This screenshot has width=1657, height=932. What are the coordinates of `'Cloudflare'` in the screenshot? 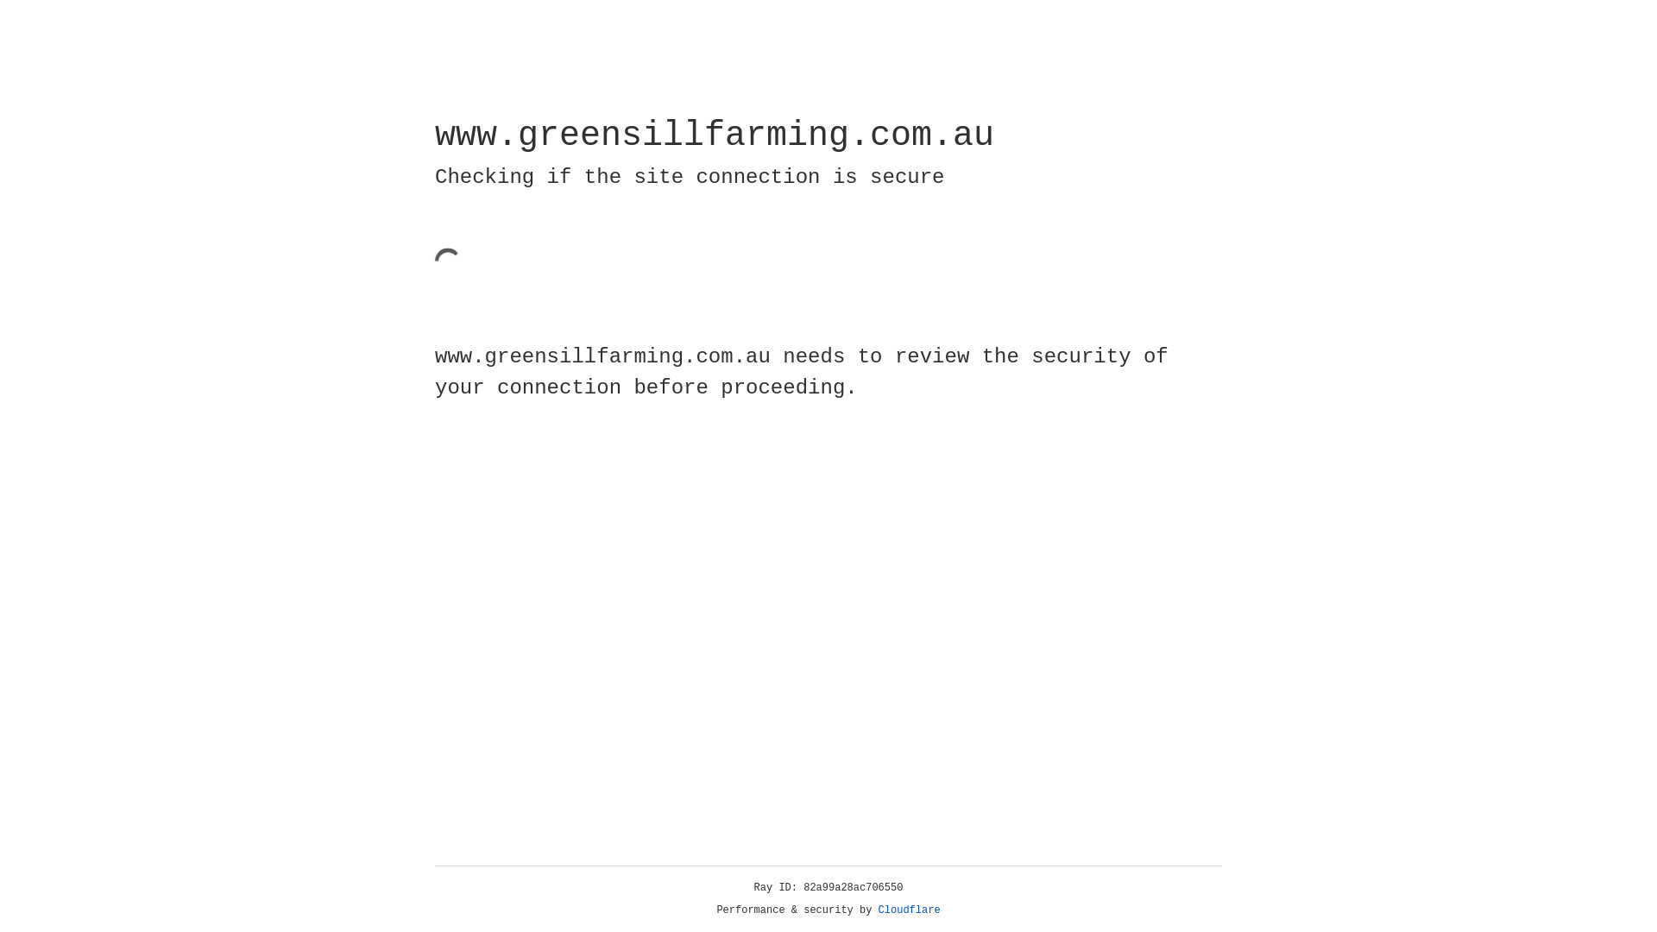 It's located at (909, 910).